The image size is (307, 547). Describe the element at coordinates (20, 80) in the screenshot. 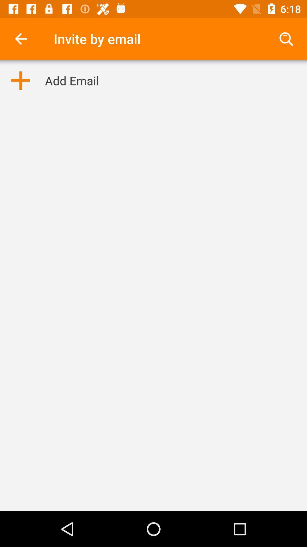

I see `icon next to add email` at that location.